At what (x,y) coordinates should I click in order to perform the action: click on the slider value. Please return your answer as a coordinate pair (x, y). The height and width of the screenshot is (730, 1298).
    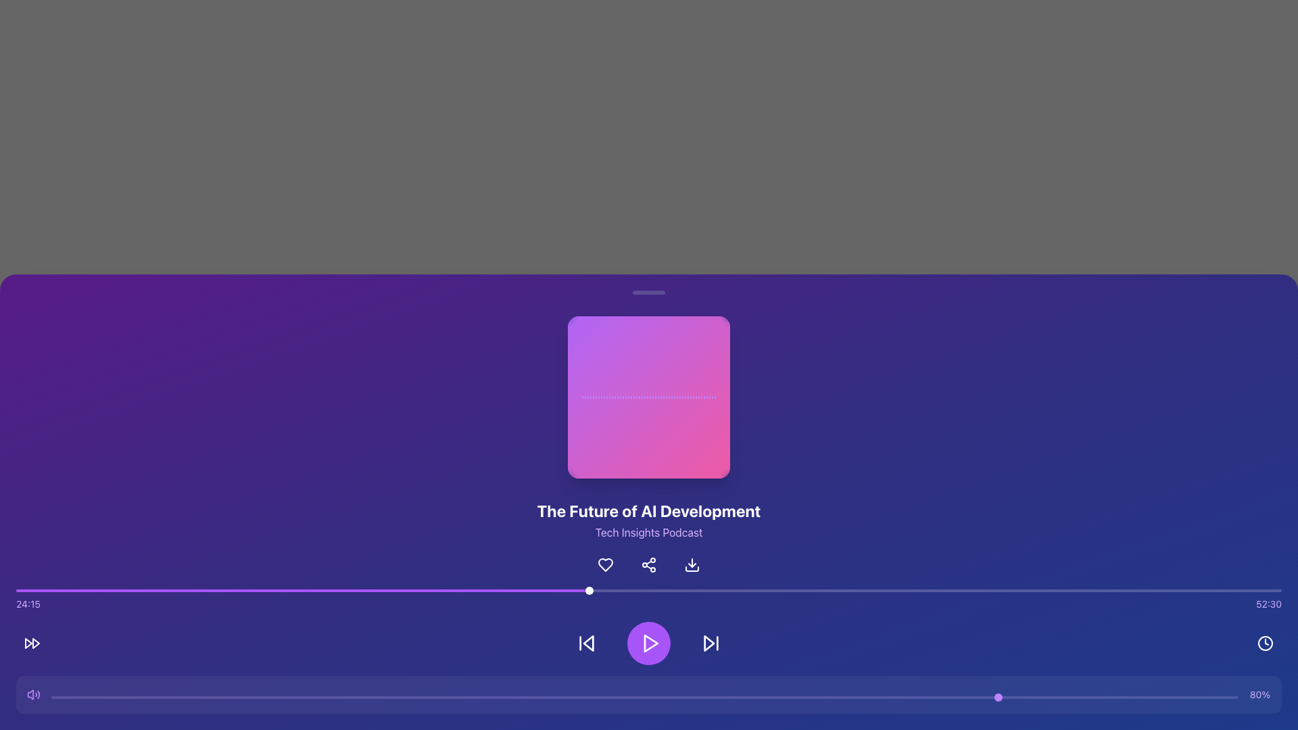
    Looking at the image, I should click on (336, 698).